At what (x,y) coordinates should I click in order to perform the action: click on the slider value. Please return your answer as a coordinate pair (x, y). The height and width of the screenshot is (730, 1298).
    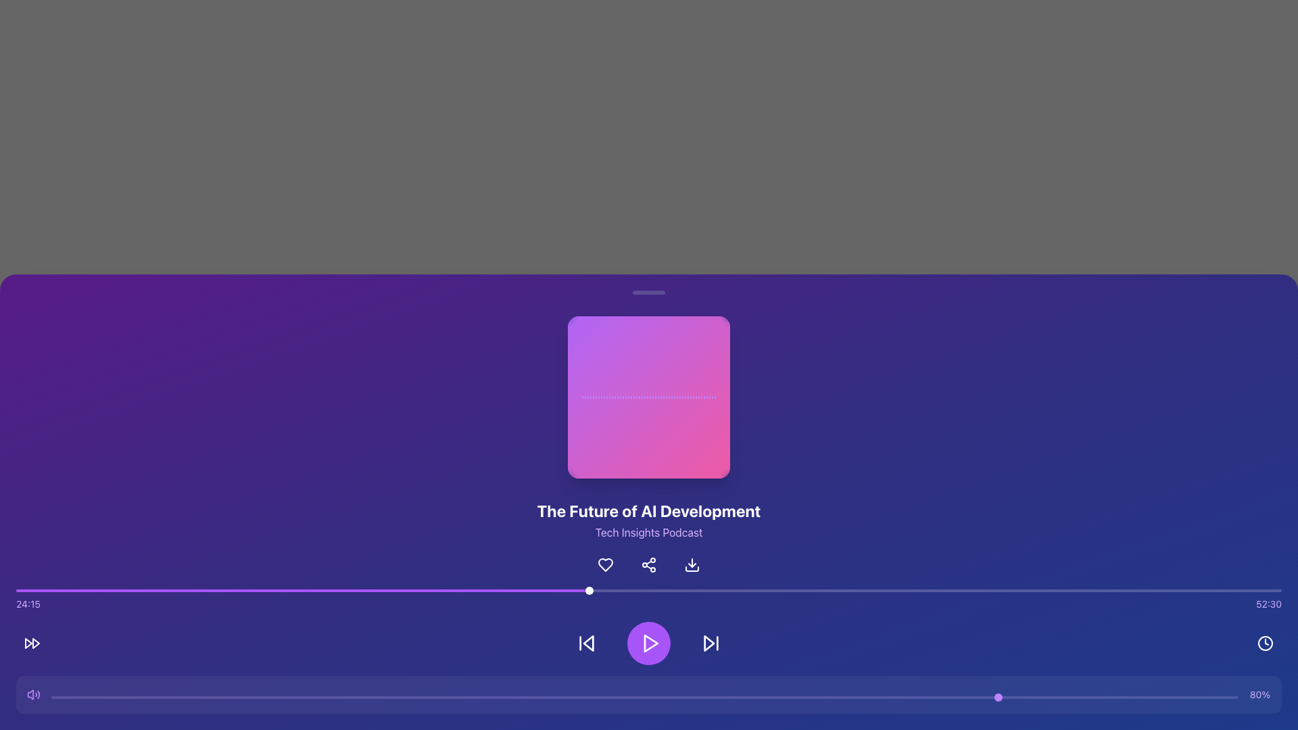
    Looking at the image, I should click on (336, 698).